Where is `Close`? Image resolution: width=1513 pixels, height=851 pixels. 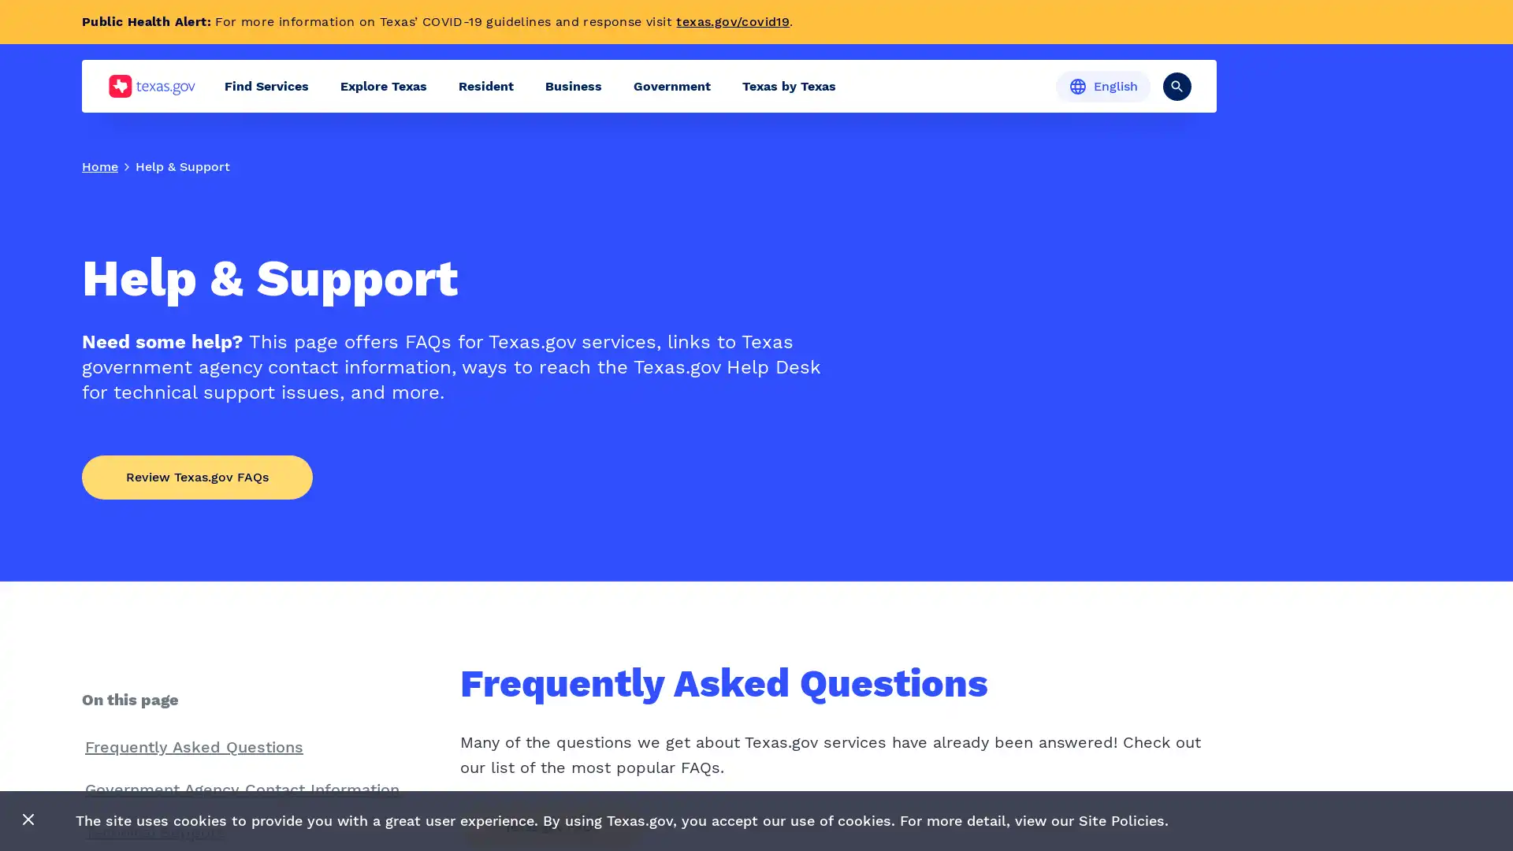
Close is located at coordinates (28, 819).